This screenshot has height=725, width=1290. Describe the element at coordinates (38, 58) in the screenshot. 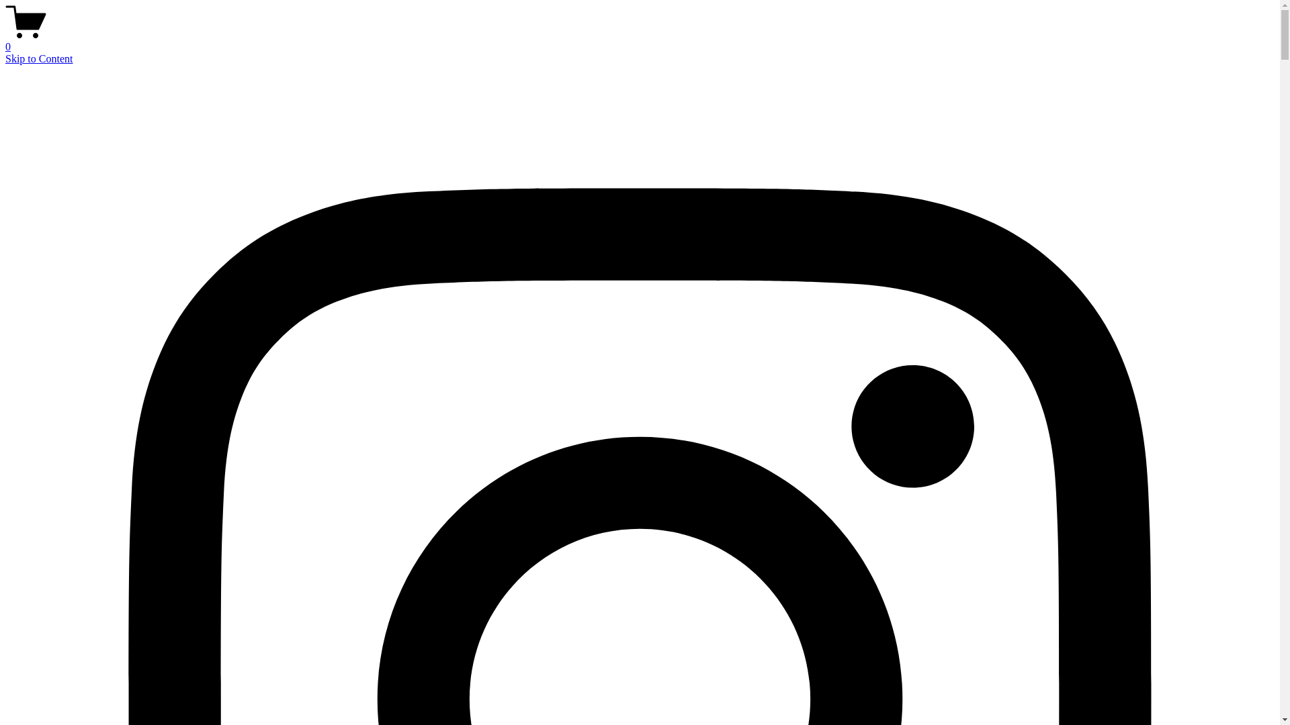

I see `'Skip to Content'` at that location.